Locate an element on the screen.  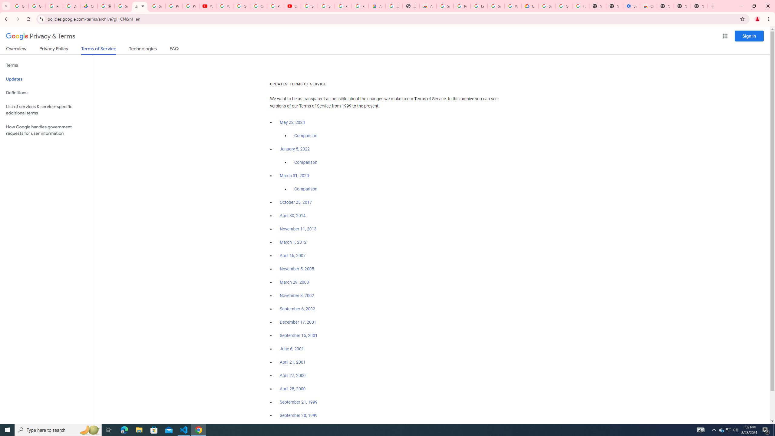
'Who are Google' is located at coordinates (512, 6).